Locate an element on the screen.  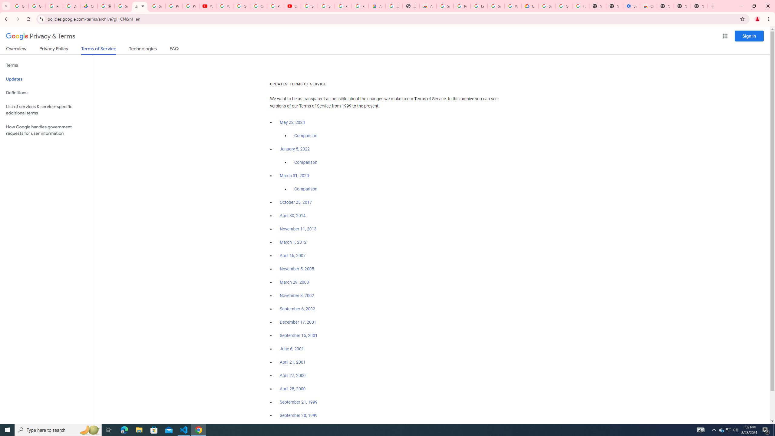
'Who are Google' is located at coordinates (512, 6).